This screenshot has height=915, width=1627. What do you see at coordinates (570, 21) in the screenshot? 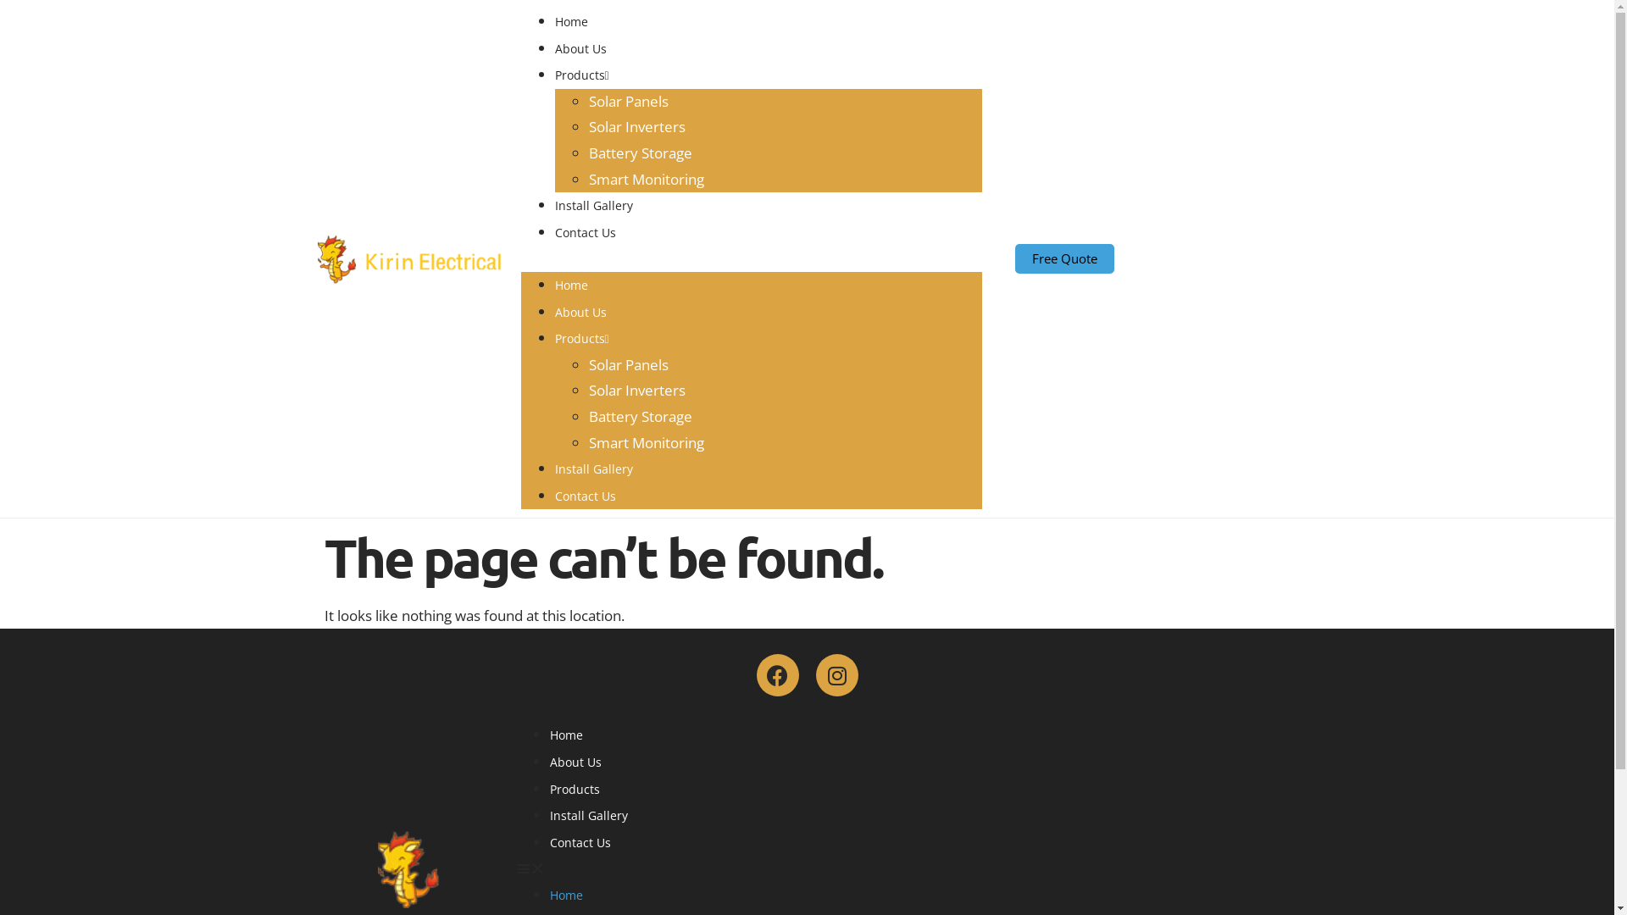
I see `'Home'` at bounding box center [570, 21].